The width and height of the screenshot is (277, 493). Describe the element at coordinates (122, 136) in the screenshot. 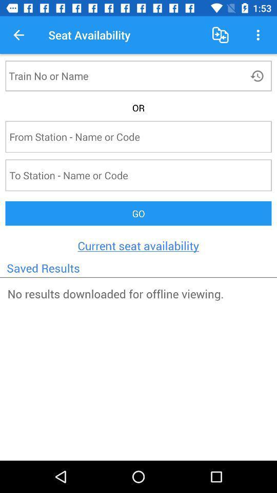

I see `station information` at that location.